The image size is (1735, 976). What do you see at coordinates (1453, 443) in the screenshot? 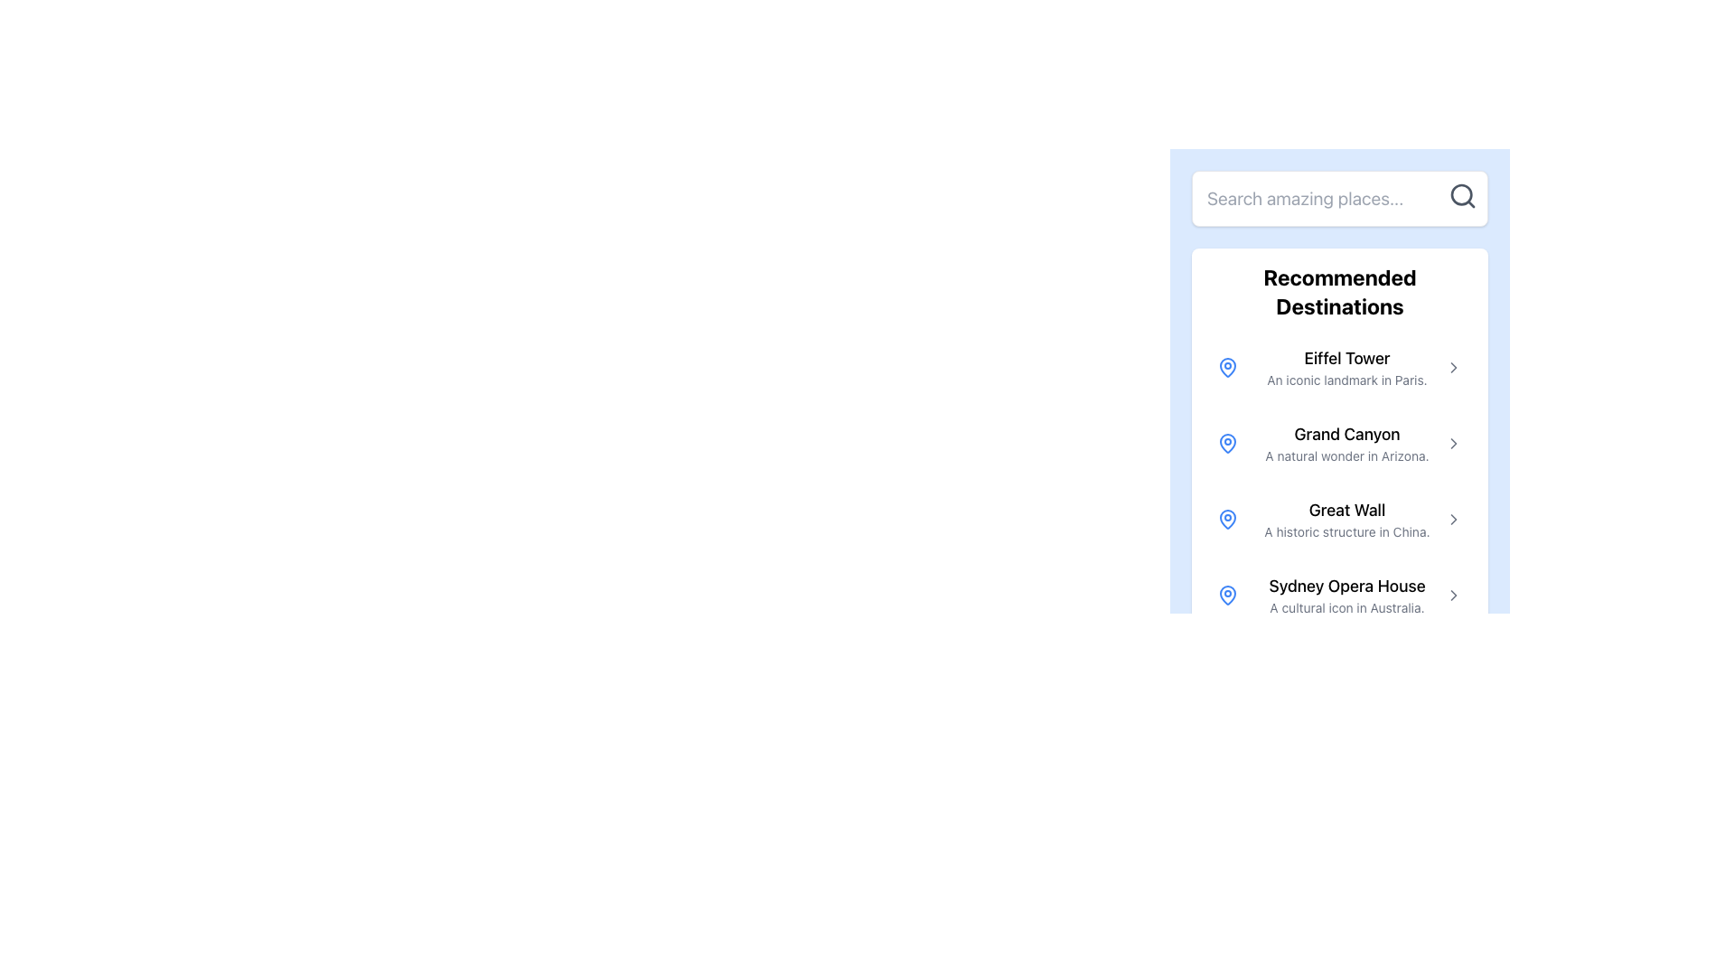
I see `the indicative icon associated with the 'Grand Canyon' in the third list entry of the 'Recommended Destinations' section` at bounding box center [1453, 443].